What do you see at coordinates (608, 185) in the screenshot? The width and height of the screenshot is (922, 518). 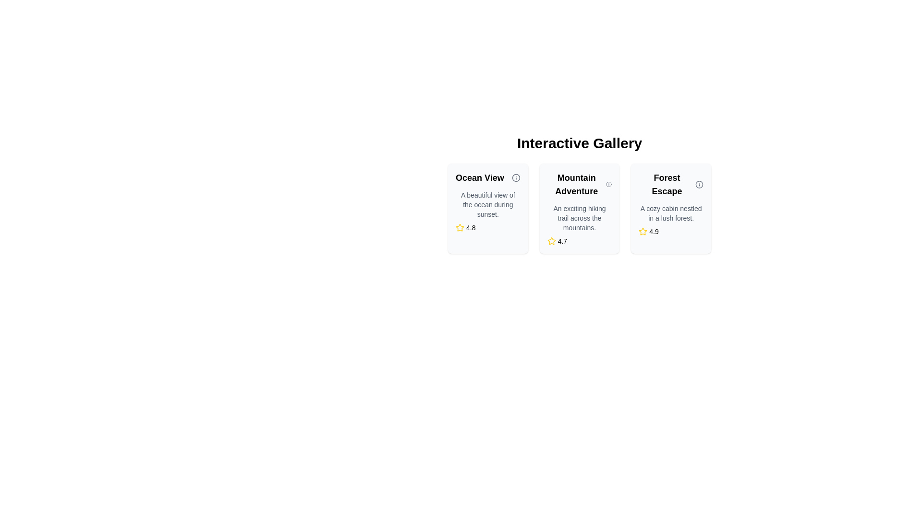 I see `the information icon, which is a small circular icon with a hollow gray outline and an information symbol, located next to the 'Mountain Adventure' title` at bounding box center [608, 185].